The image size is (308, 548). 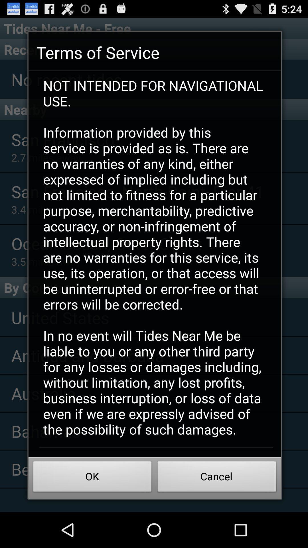 I want to click on the app below the not intended for item, so click(x=217, y=478).